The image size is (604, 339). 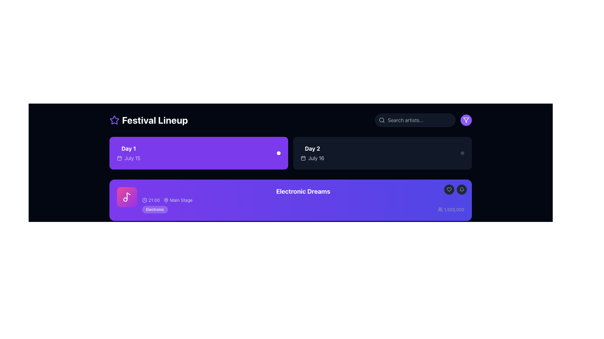 I want to click on the first circular 'like' button located at the top-right corner of the card labeled 'Electronic Dreams', so click(x=449, y=189).